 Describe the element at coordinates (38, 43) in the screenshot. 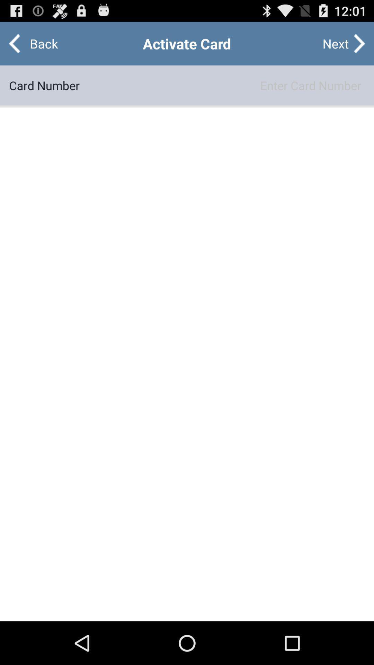

I see `button to the left of the next icon` at that location.